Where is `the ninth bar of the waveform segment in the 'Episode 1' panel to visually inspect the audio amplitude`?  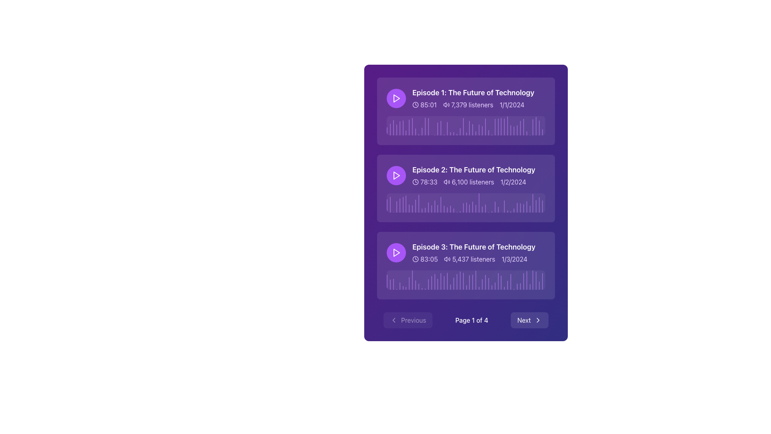
the ninth bar of the waveform segment in the 'Episode 1' panel to visually inspect the audio amplitude is located at coordinates (412, 127).